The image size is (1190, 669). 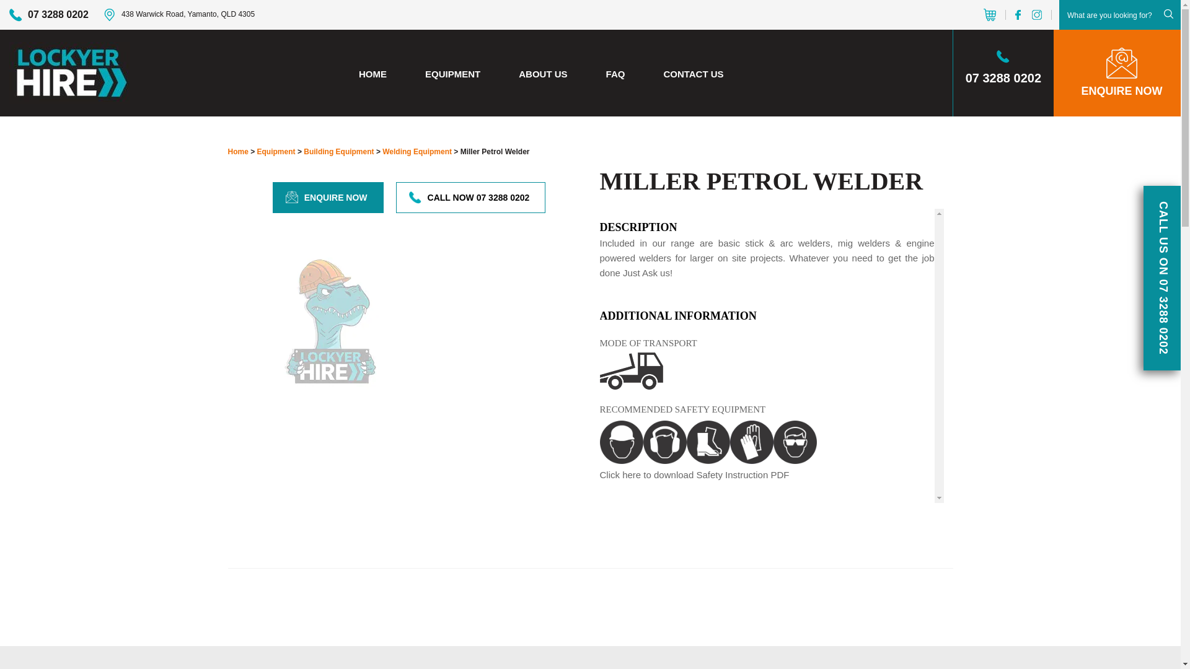 I want to click on 'CONTACT US', so click(x=662, y=74).